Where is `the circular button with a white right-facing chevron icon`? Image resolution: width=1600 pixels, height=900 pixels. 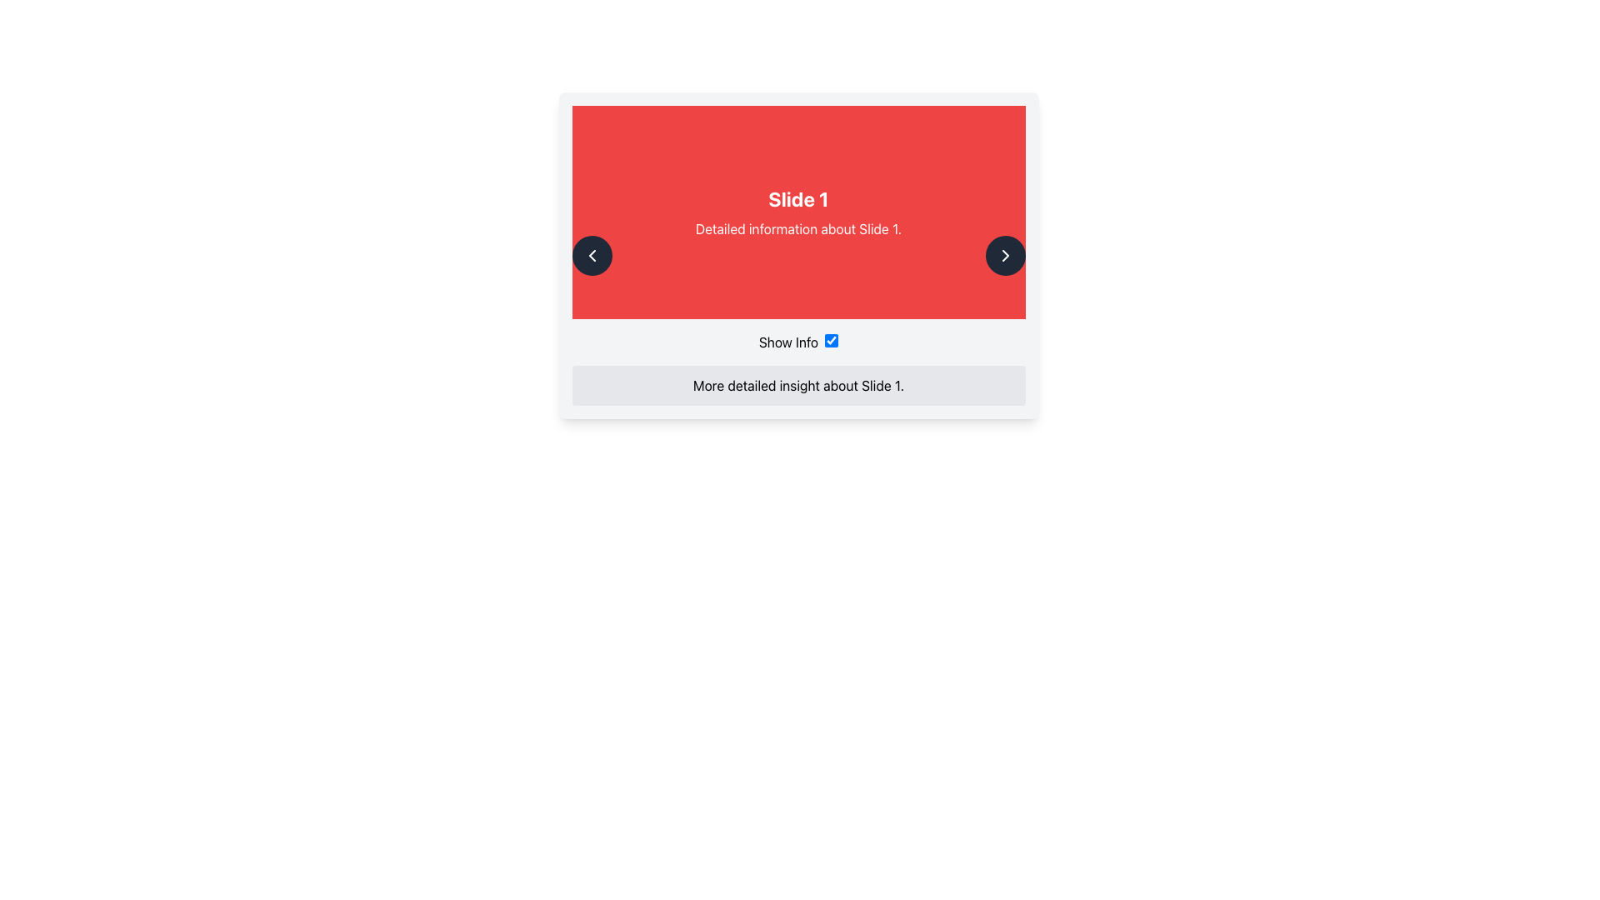
the circular button with a white right-facing chevron icon is located at coordinates (1004, 256).